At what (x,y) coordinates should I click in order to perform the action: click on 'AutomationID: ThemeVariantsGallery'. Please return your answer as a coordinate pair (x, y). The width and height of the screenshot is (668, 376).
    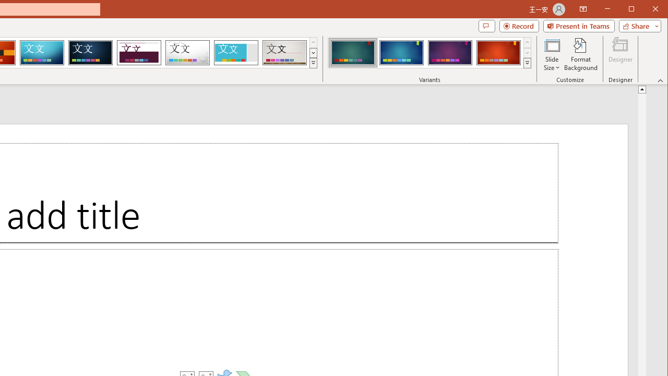
    Looking at the image, I should click on (430, 53).